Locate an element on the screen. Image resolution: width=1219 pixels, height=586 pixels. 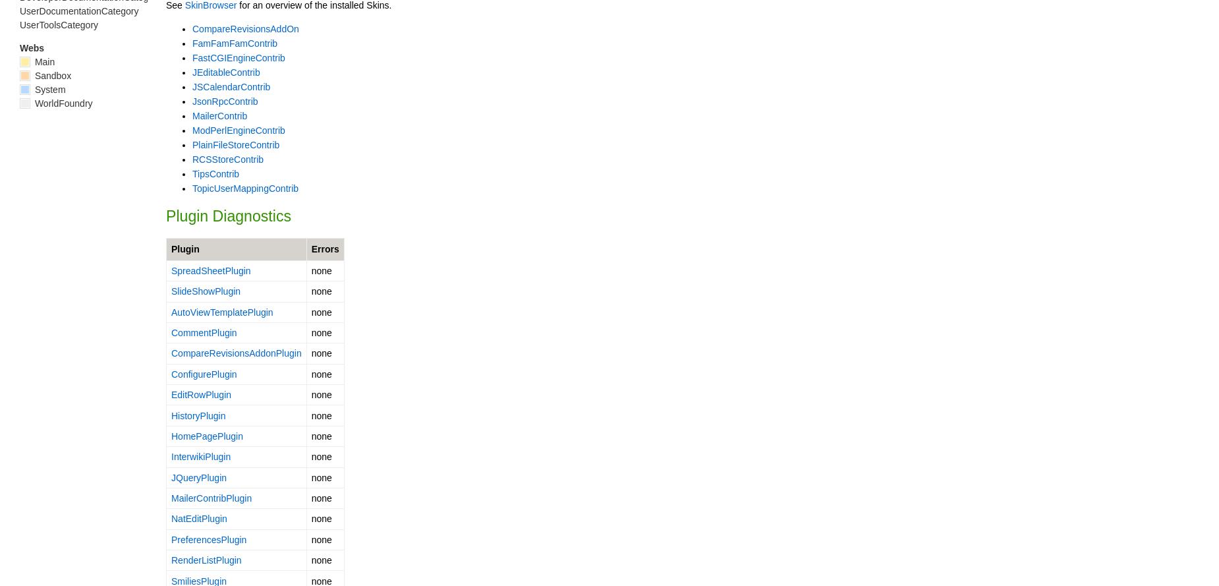
'System' is located at coordinates (32, 89).